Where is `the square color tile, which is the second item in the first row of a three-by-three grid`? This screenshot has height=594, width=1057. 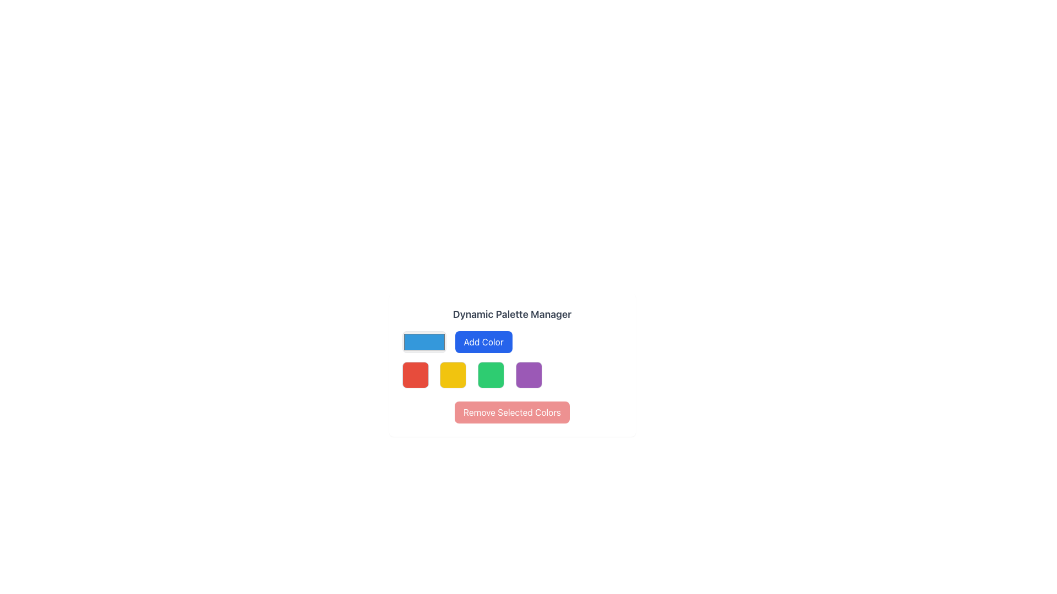
the square color tile, which is the second item in the first row of a three-by-three grid is located at coordinates (453, 375).